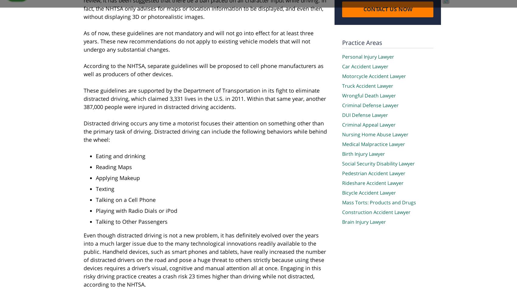 This screenshot has height=296, width=517. I want to click on 'Truck Accident Lawyer', so click(367, 85).